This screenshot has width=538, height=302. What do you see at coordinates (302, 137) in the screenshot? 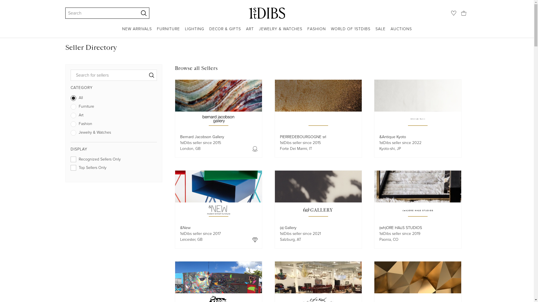
I see `'PIERREDEBOURGOGNE srl'` at bounding box center [302, 137].